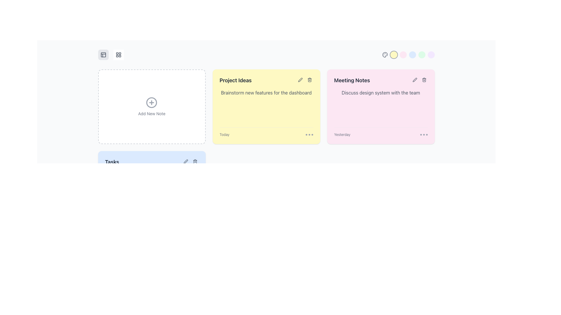  Describe the element at coordinates (414, 80) in the screenshot. I see `the edit icon button resembling a pen located in the top-right corner of the 'Meeting Notes' card to initiate editing of the card content` at that location.